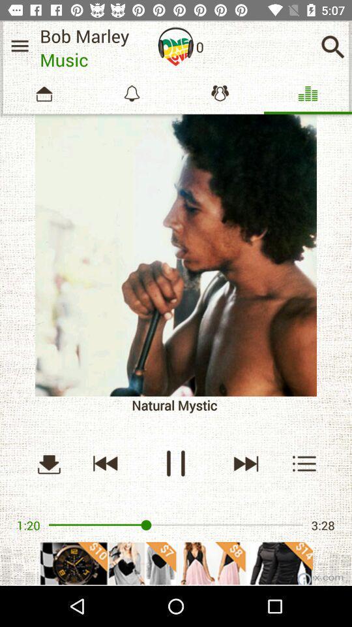 The width and height of the screenshot is (352, 627). What do you see at coordinates (304, 463) in the screenshot?
I see `the playlist` at bounding box center [304, 463].